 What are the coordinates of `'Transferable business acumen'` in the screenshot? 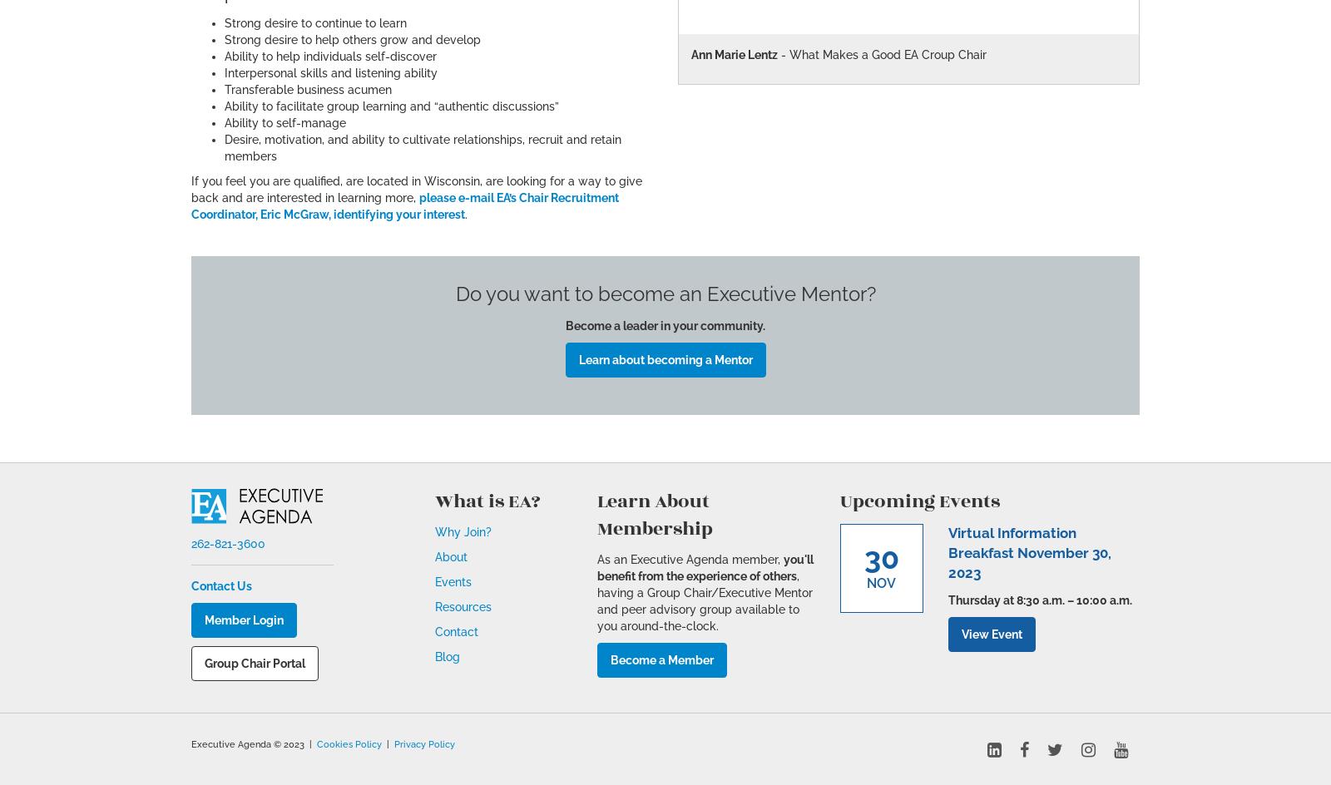 It's located at (225, 88).